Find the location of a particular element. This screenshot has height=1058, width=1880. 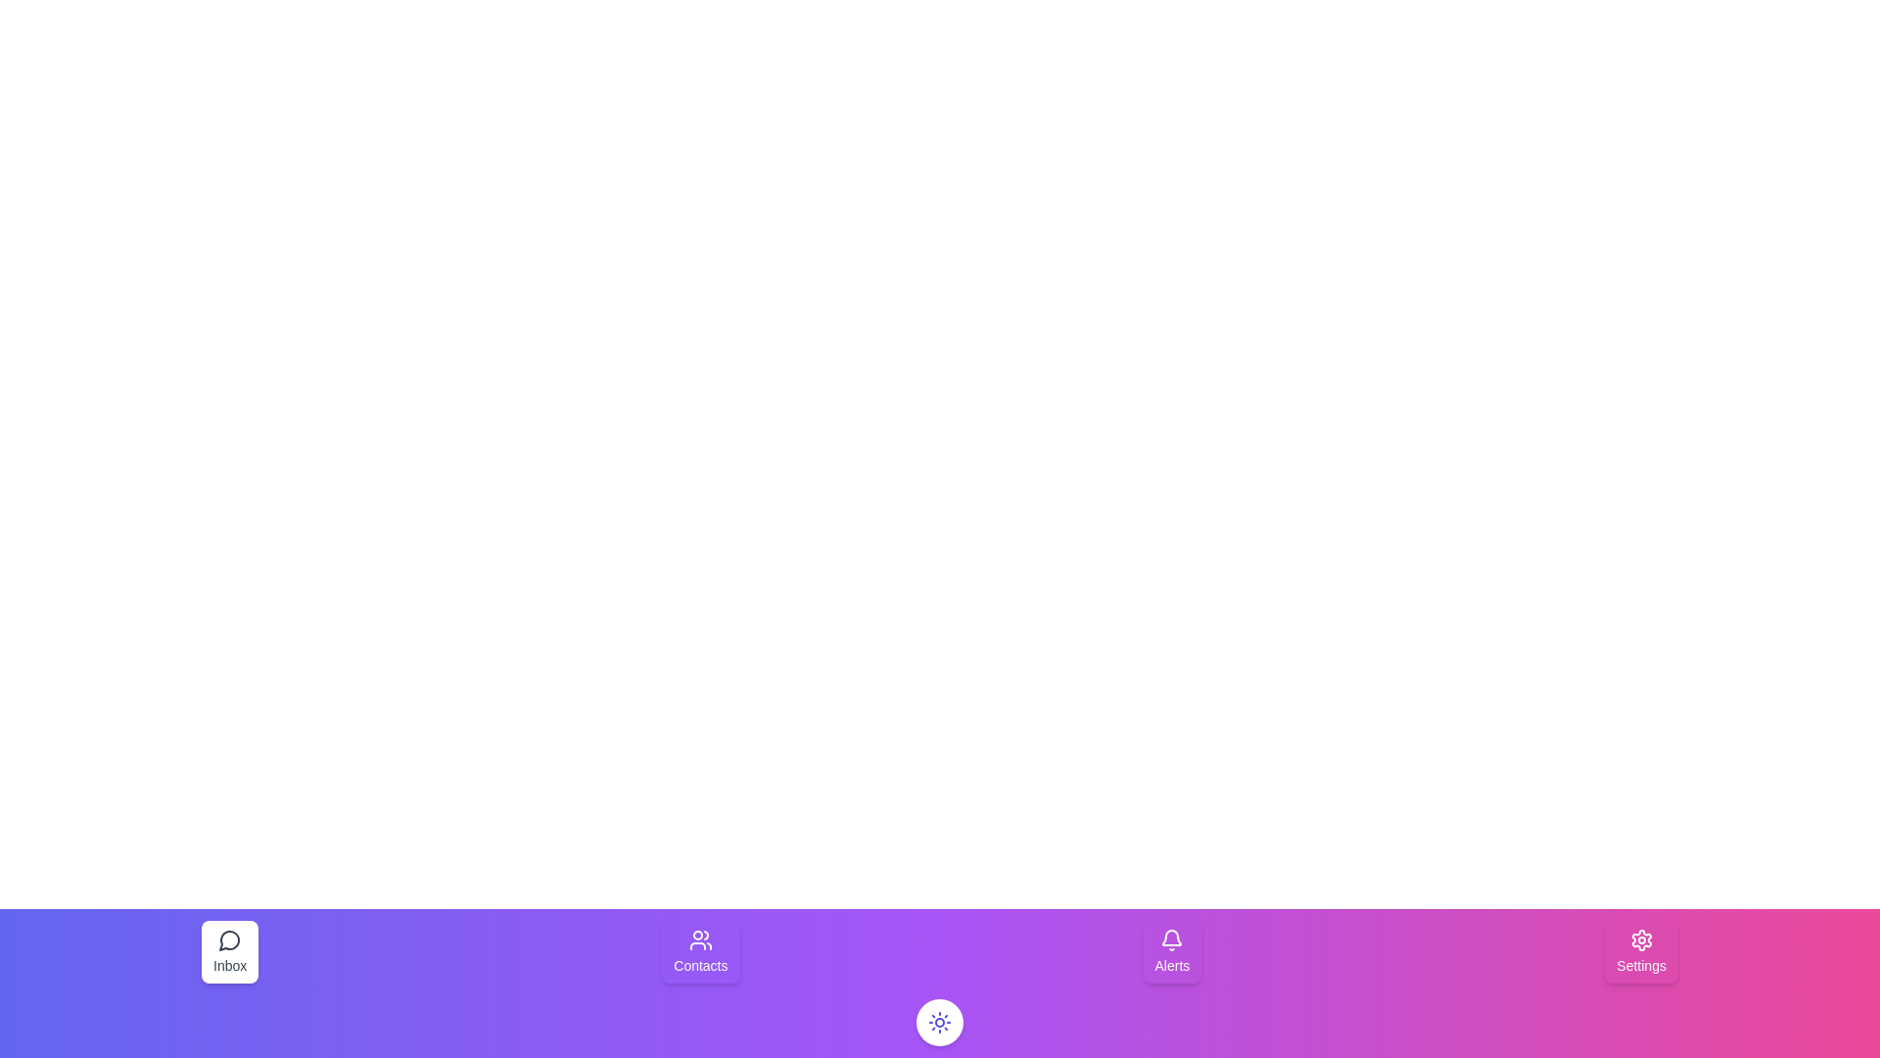

the button labeled Settings to observe its visual feedback is located at coordinates (1641, 951).